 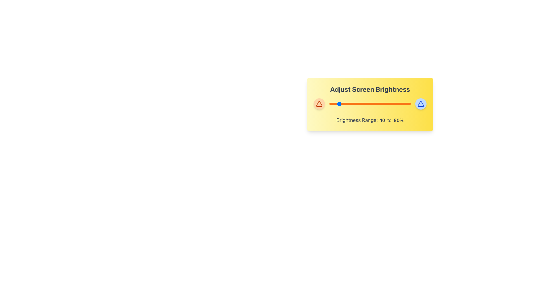 I want to click on the brightness, so click(x=407, y=104).